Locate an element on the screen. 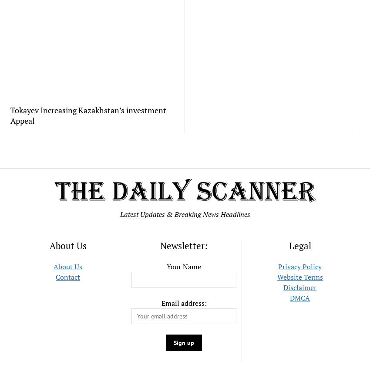  'Legal' is located at coordinates (299, 245).